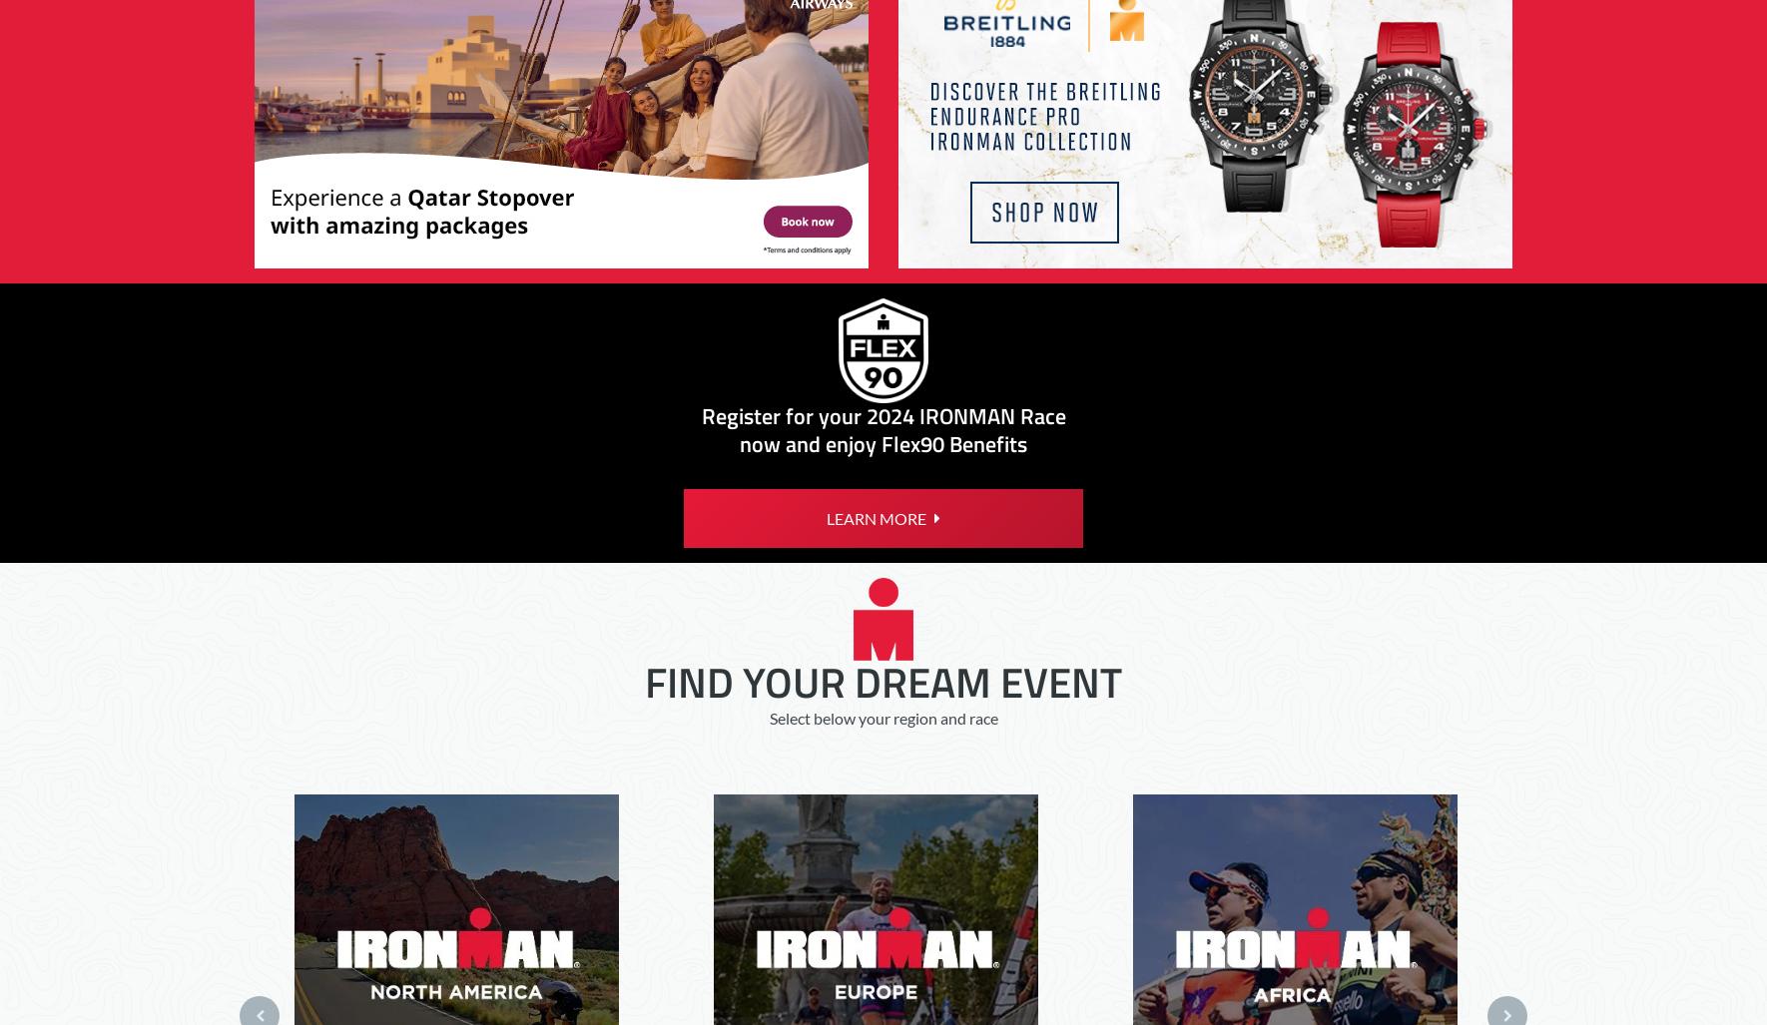  What do you see at coordinates (802, 93) in the screenshot?
I see `'Unsolicited Ideas Policy'` at bounding box center [802, 93].